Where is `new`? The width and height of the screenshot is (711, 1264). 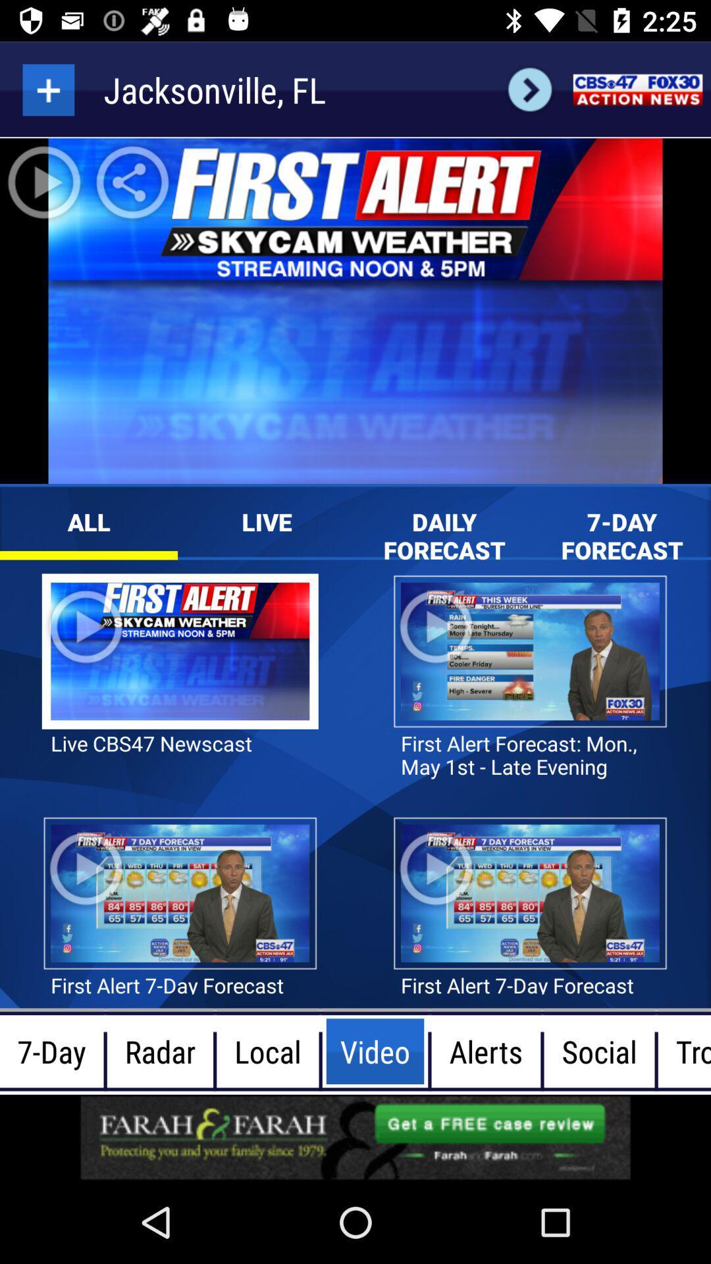
new is located at coordinates (47, 89).